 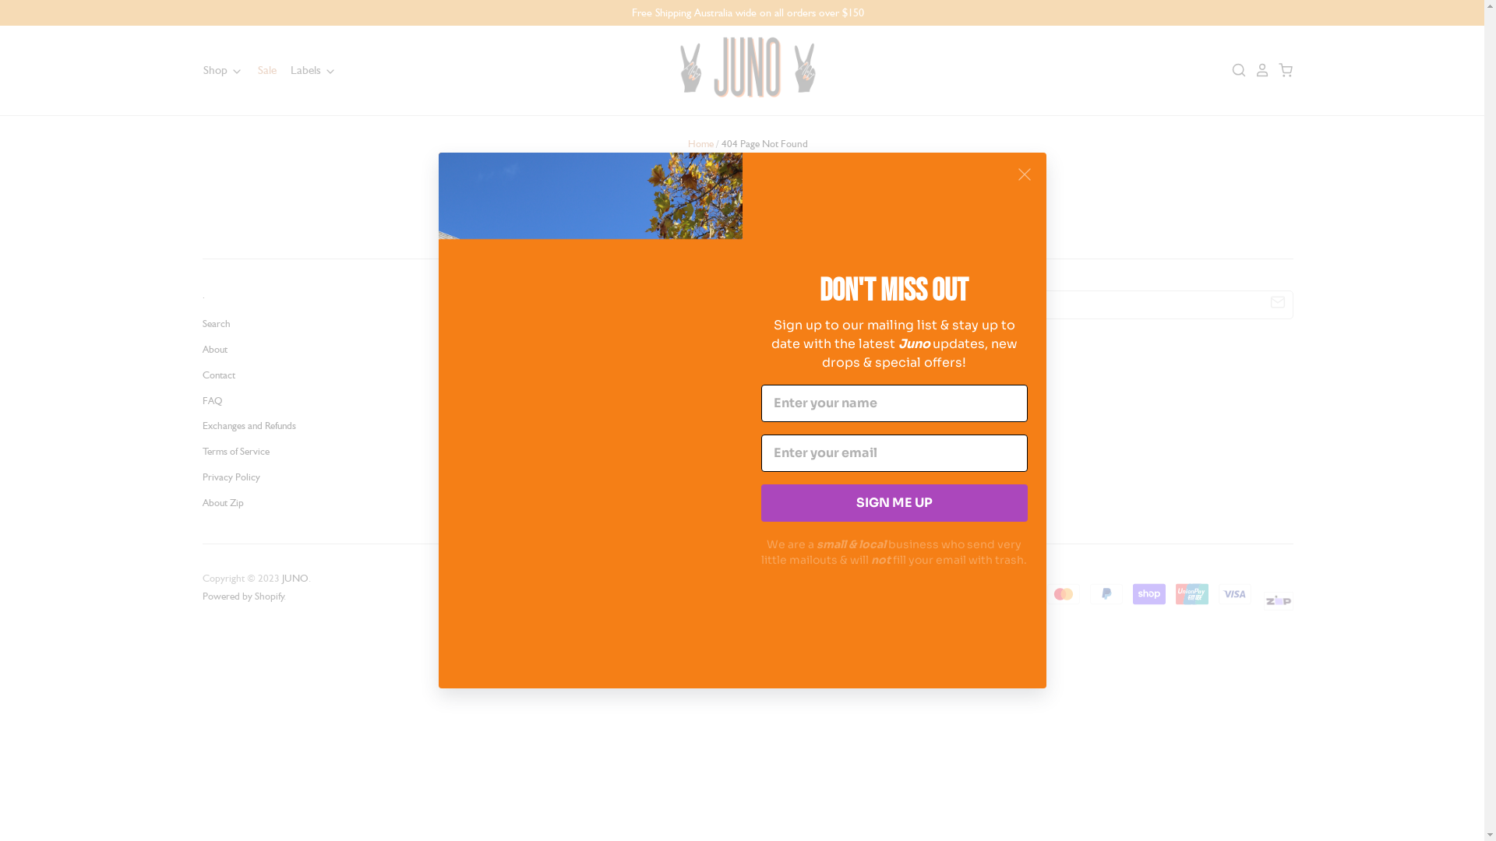 I want to click on 'Shop', so click(x=222, y=69).